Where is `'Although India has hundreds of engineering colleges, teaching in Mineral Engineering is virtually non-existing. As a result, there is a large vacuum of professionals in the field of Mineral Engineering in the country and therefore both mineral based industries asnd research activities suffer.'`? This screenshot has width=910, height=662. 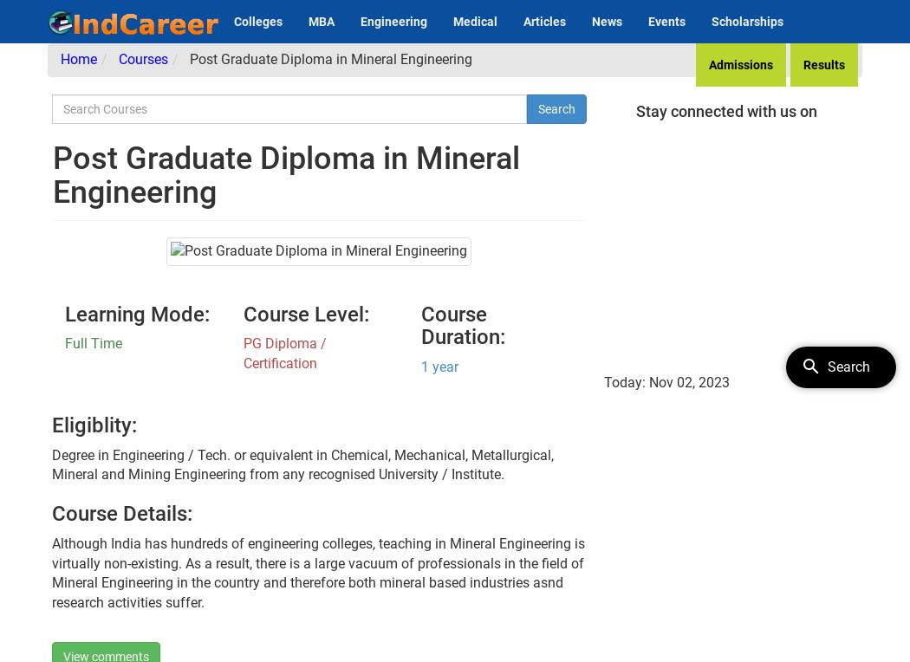
'Although India has hundreds of engineering colleges, teaching in Mineral Engineering is virtually non-existing. As a result, there is a large vacuum of professionals in the field of Mineral Engineering in the country and therefore both mineral based industries asnd research activities suffer.' is located at coordinates (317, 573).